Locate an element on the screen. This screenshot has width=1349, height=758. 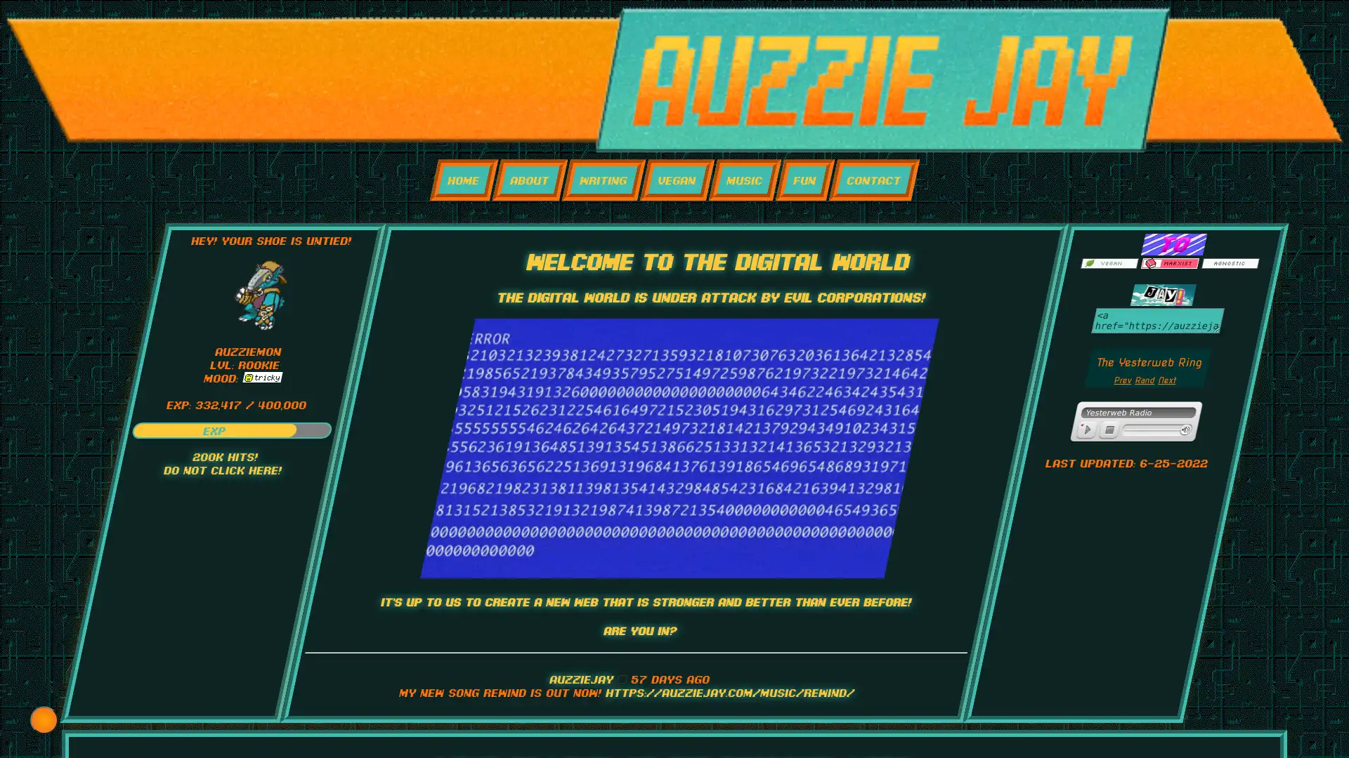
MUSIC is located at coordinates (743, 179).